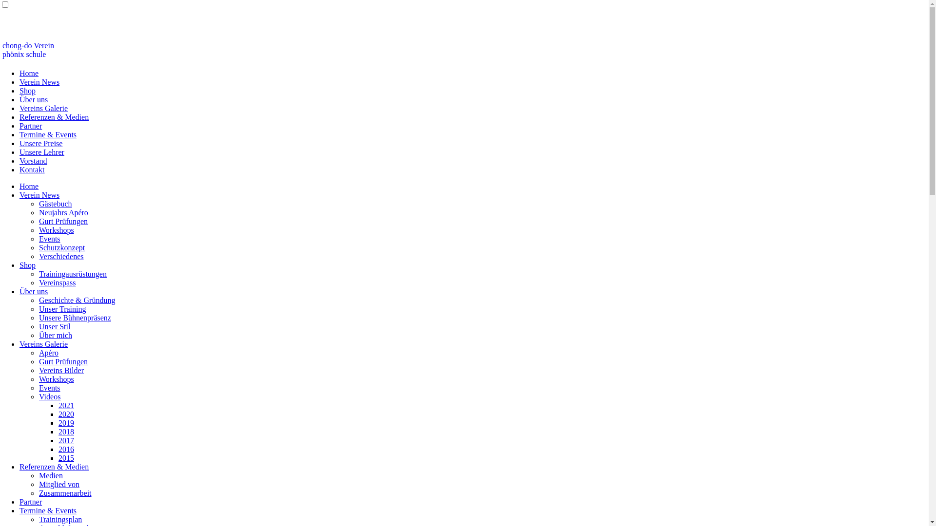  I want to click on 'Zusammenarbeit', so click(65, 493).